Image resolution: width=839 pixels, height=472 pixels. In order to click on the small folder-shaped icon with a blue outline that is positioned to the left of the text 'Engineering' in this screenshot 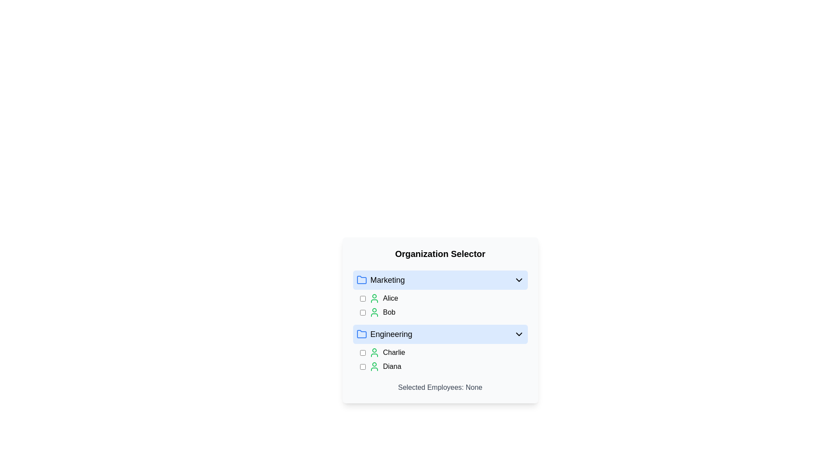, I will do `click(361, 334)`.